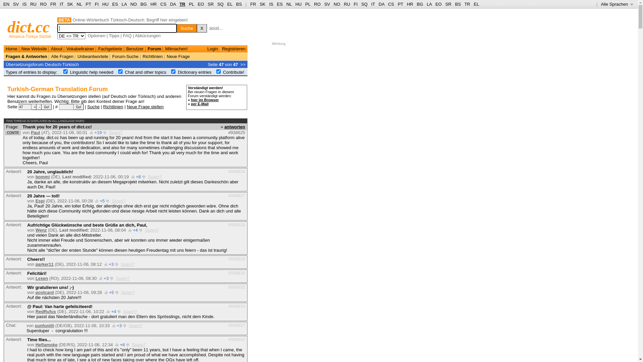 This screenshot has height=362, width=643. What do you see at coordinates (277, 4) in the screenshot?
I see `'ES'` at bounding box center [277, 4].